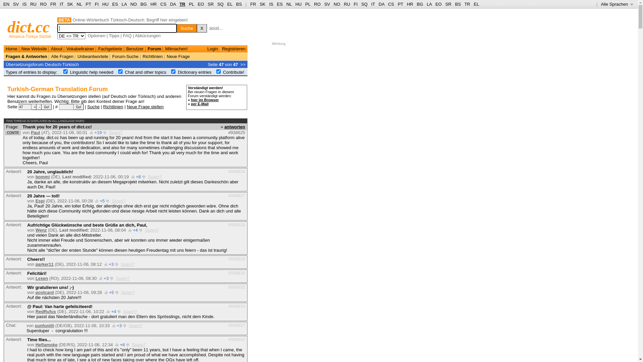 This screenshot has height=362, width=643. What do you see at coordinates (277, 4) in the screenshot?
I see `'ES'` at bounding box center [277, 4].